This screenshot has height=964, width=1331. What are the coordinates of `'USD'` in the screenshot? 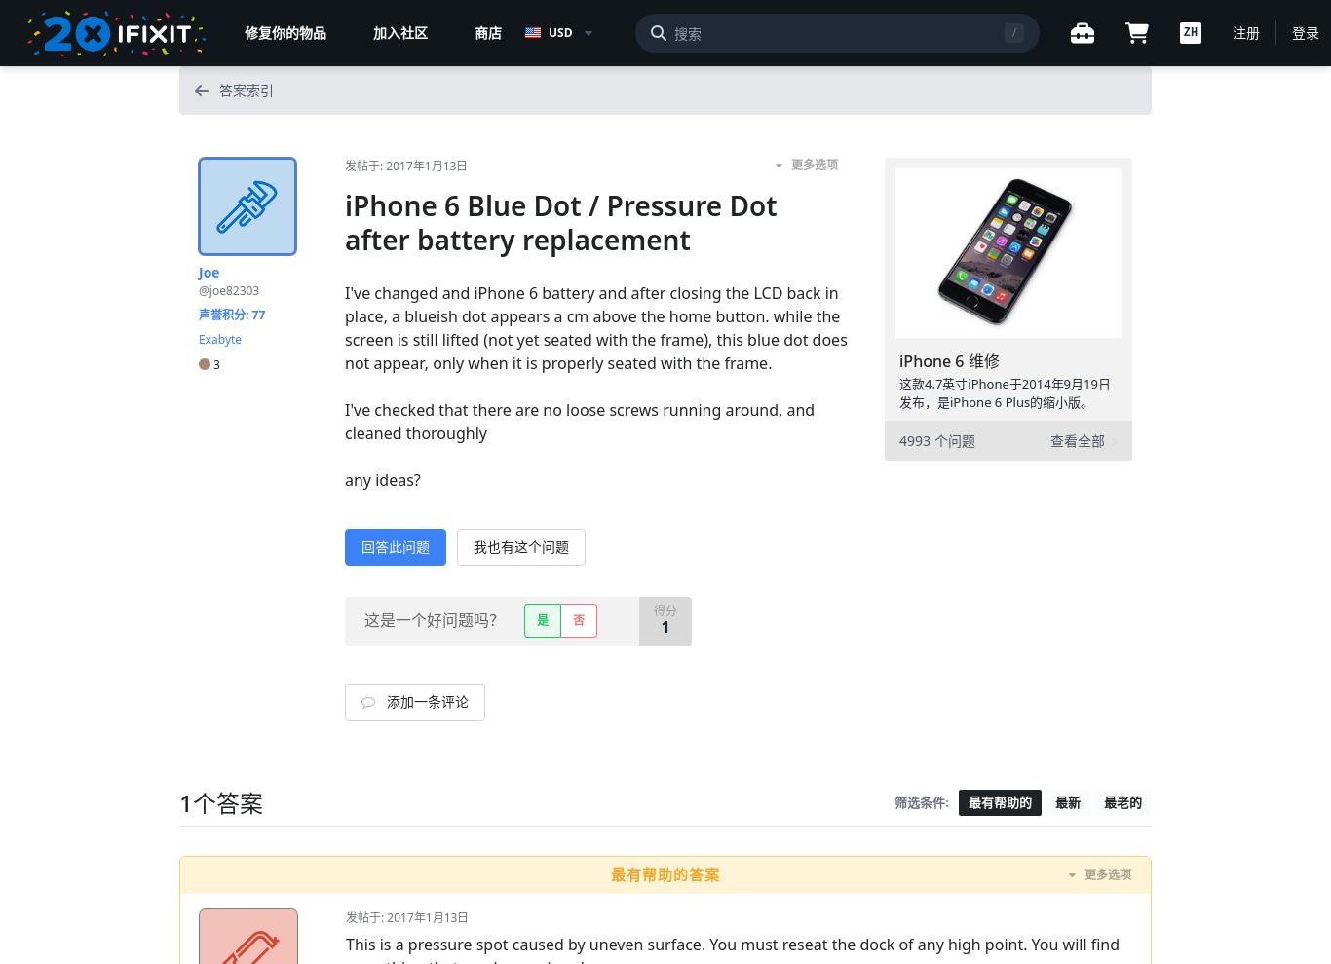 It's located at (549, 31).